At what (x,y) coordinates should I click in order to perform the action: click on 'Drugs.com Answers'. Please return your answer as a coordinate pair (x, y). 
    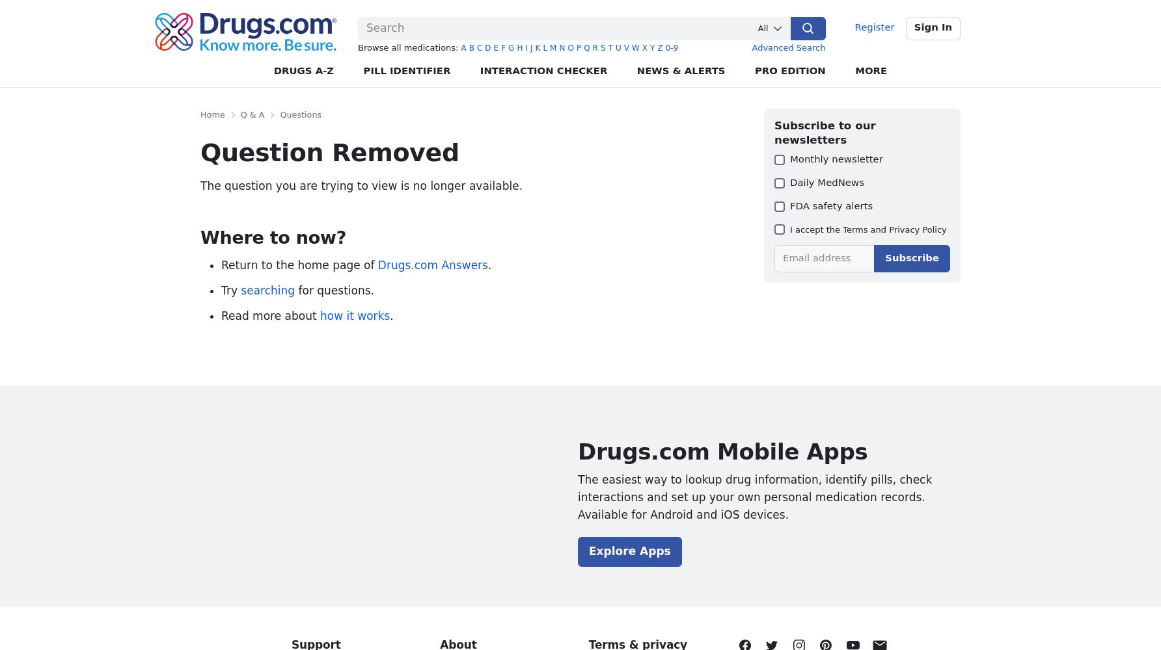
    Looking at the image, I should click on (431, 265).